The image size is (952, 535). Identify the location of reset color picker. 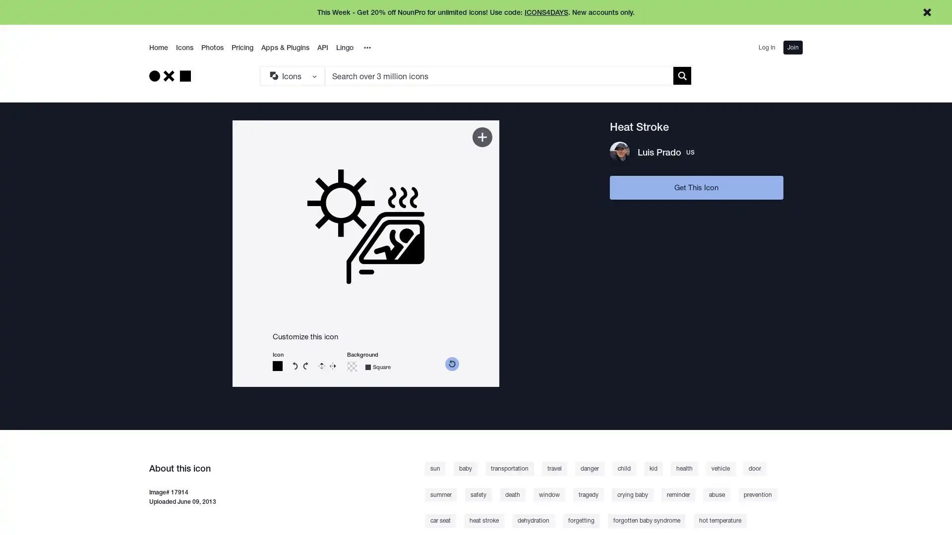
(451, 364).